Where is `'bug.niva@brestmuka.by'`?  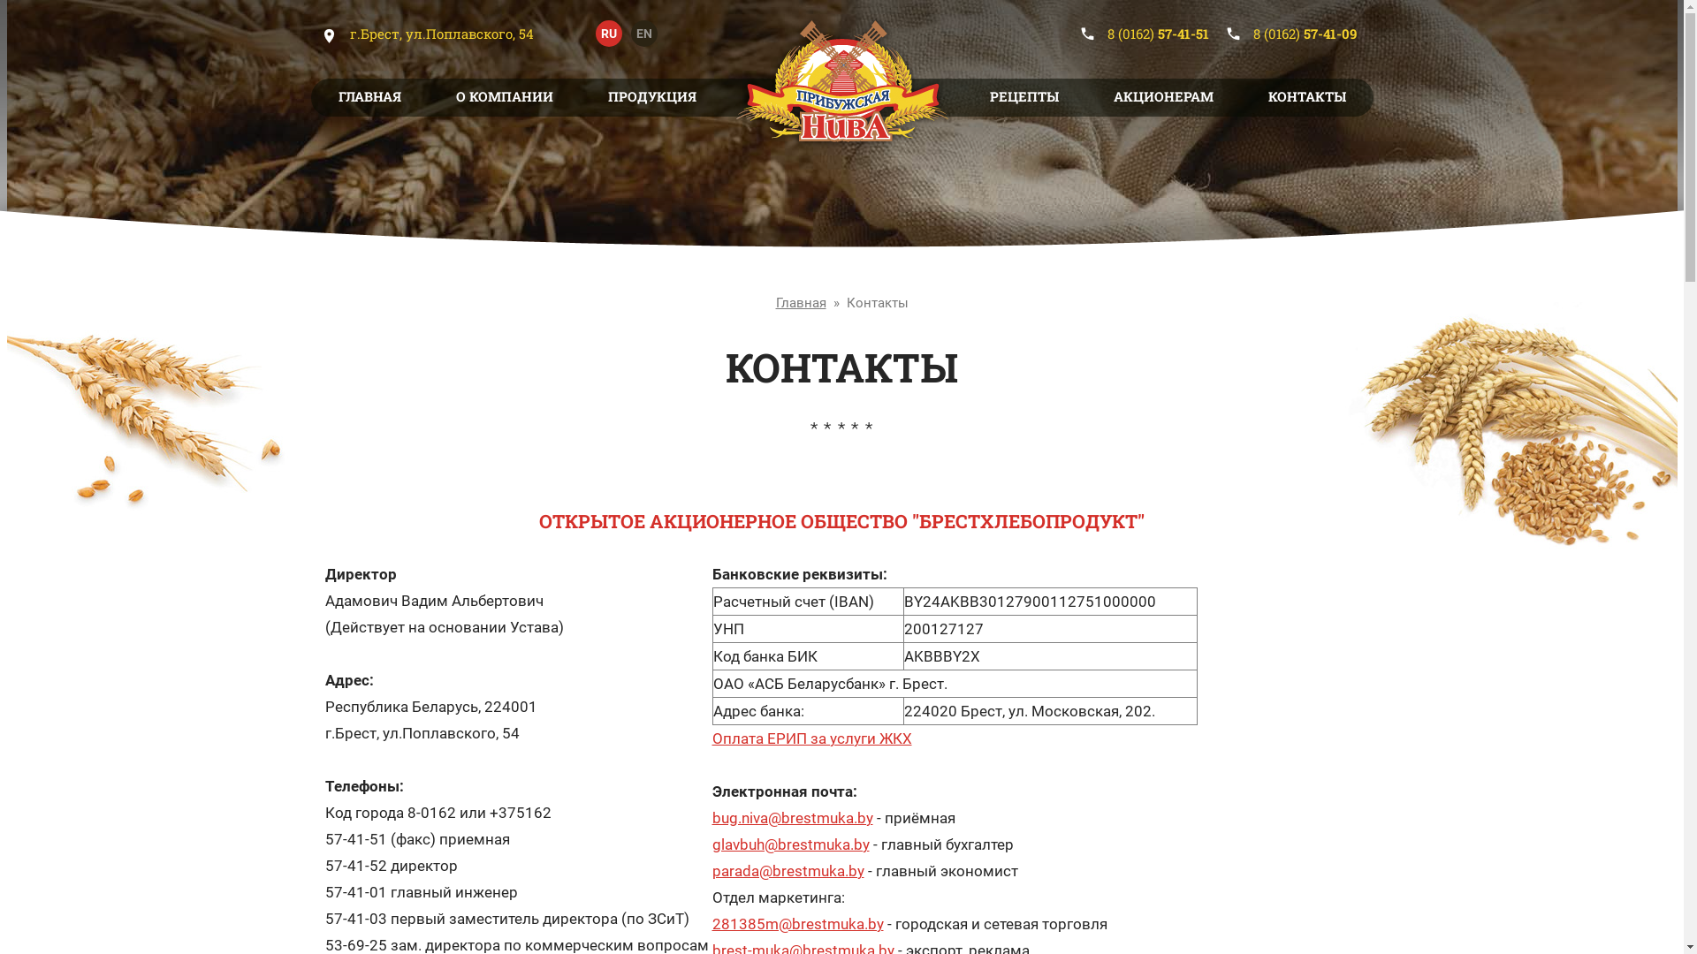 'bug.niva@brestmuka.by' is located at coordinates (792, 817).